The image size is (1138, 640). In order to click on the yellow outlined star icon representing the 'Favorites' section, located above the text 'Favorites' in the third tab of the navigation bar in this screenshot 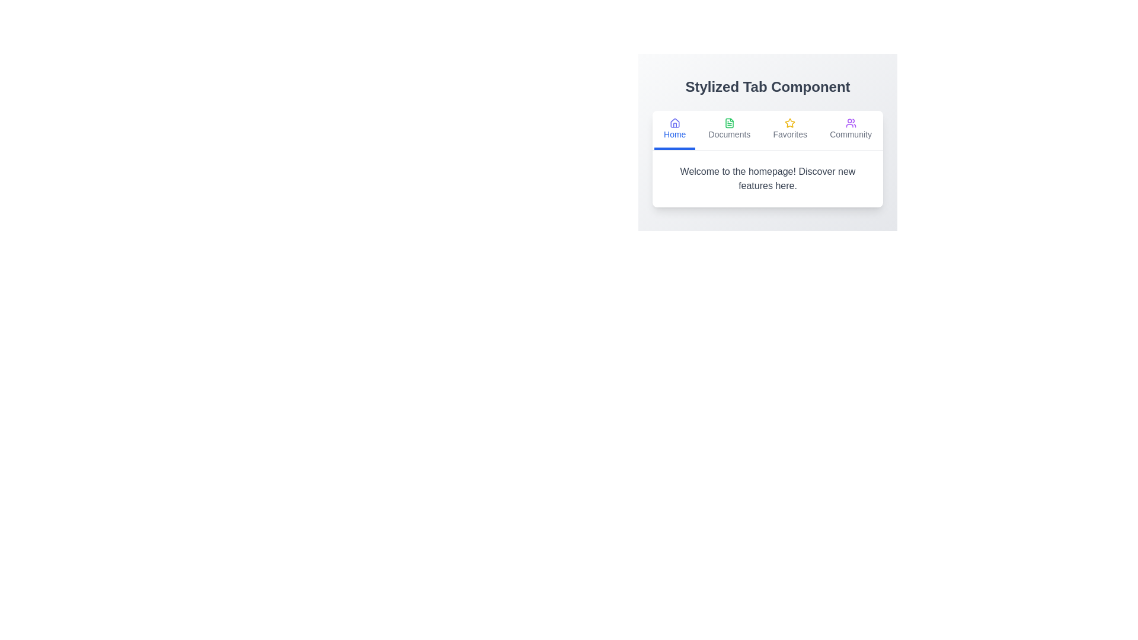, I will do `click(790, 123)`.